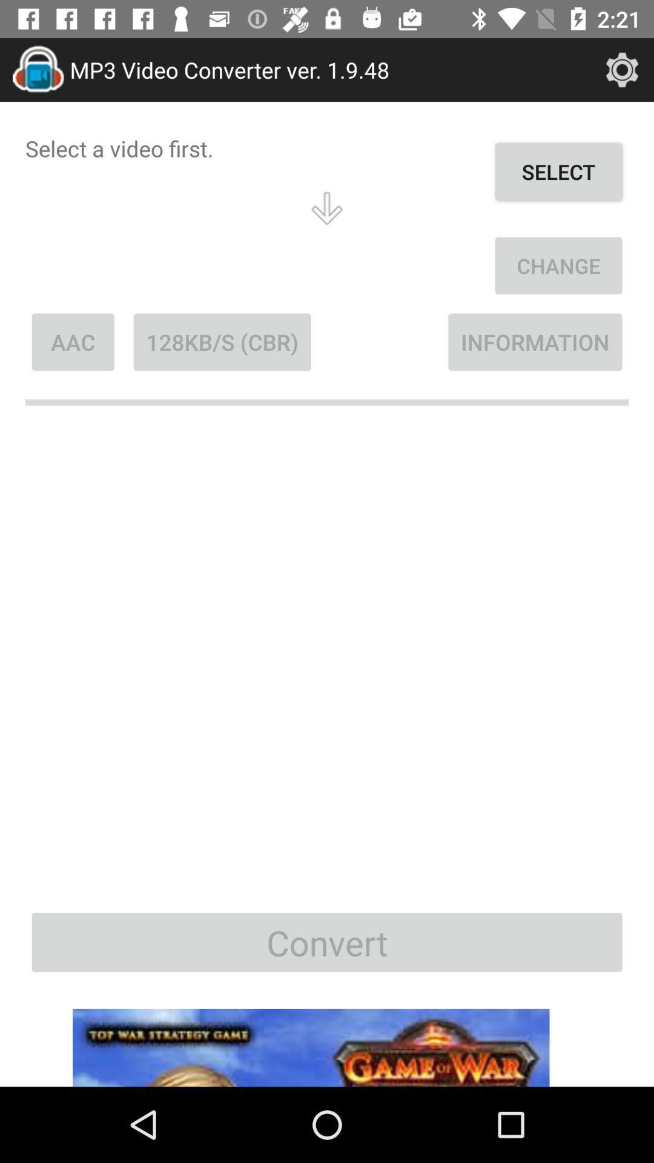 The width and height of the screenshot is (654, 1163). What do you see at coordinates (622, 69) in the screenshot?
I see `the settings icon` at bounding box center [622, 69].